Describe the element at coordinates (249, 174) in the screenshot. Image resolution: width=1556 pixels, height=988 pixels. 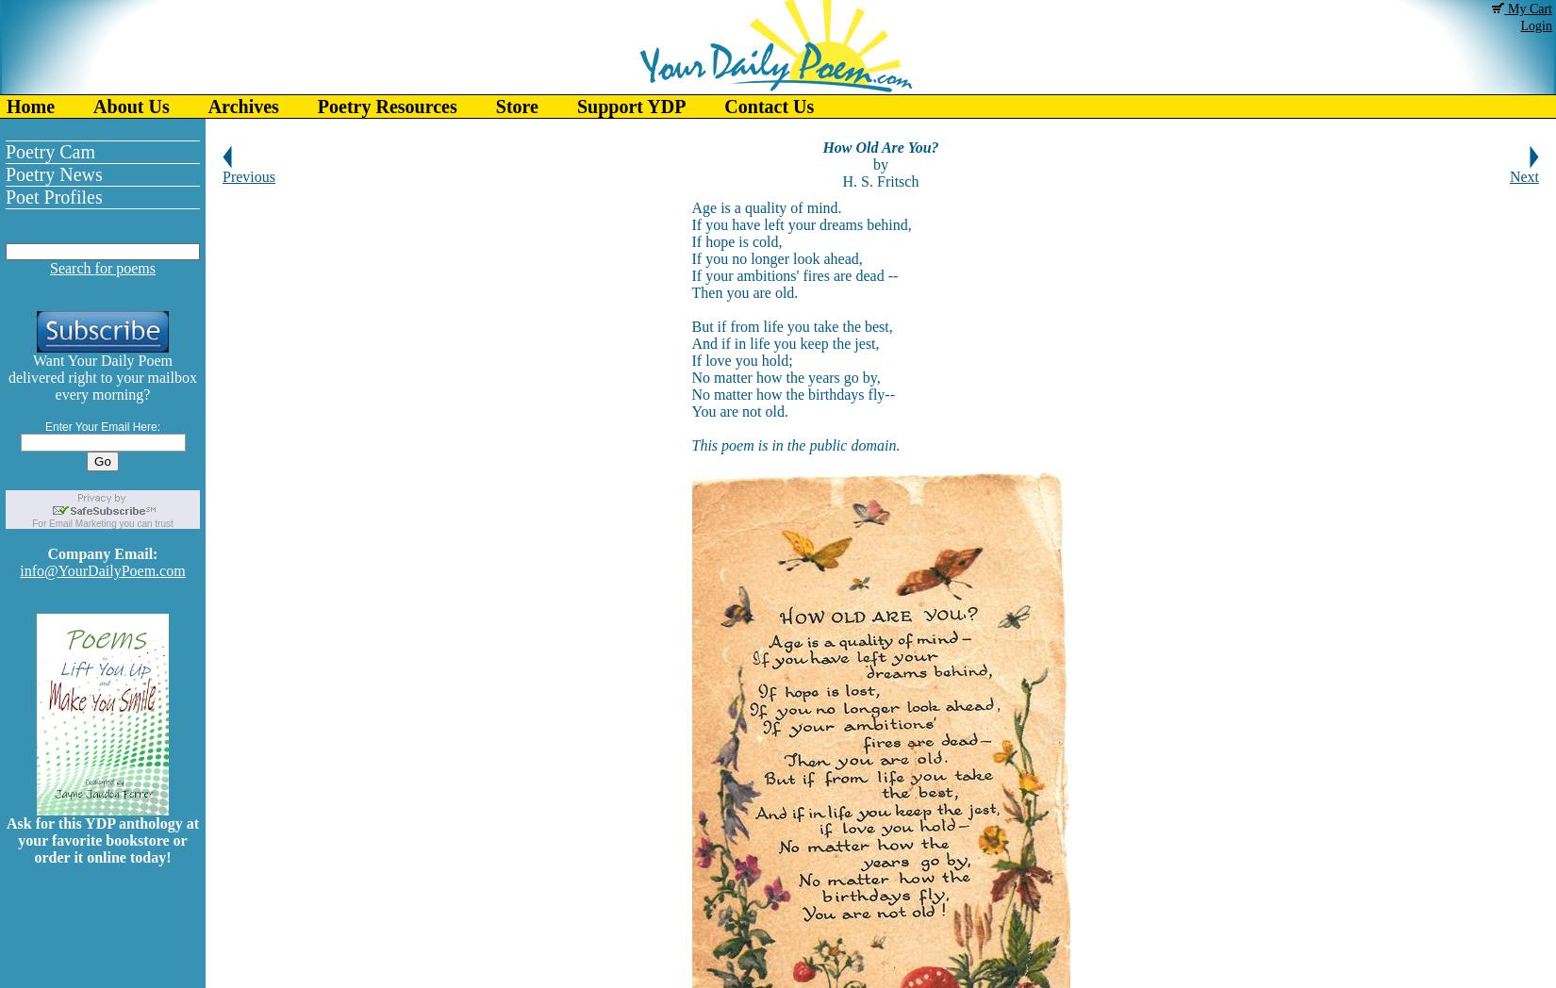
I see `'Previous'` at that location.